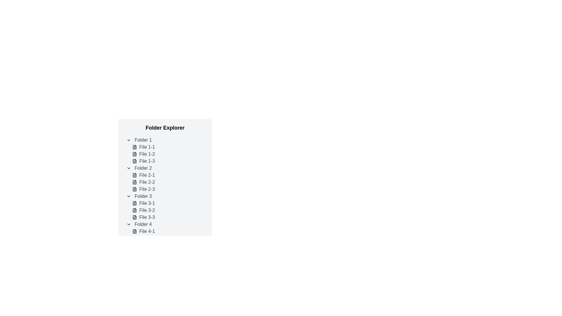 Image resolution: width=562 pixels, height=316 pixels. Describe the element at coordinates (134, 217) in the screenshot. I see `the decorative icon representing 'File 3-3', located to the immediate left of the label in the third folder group` at that location.